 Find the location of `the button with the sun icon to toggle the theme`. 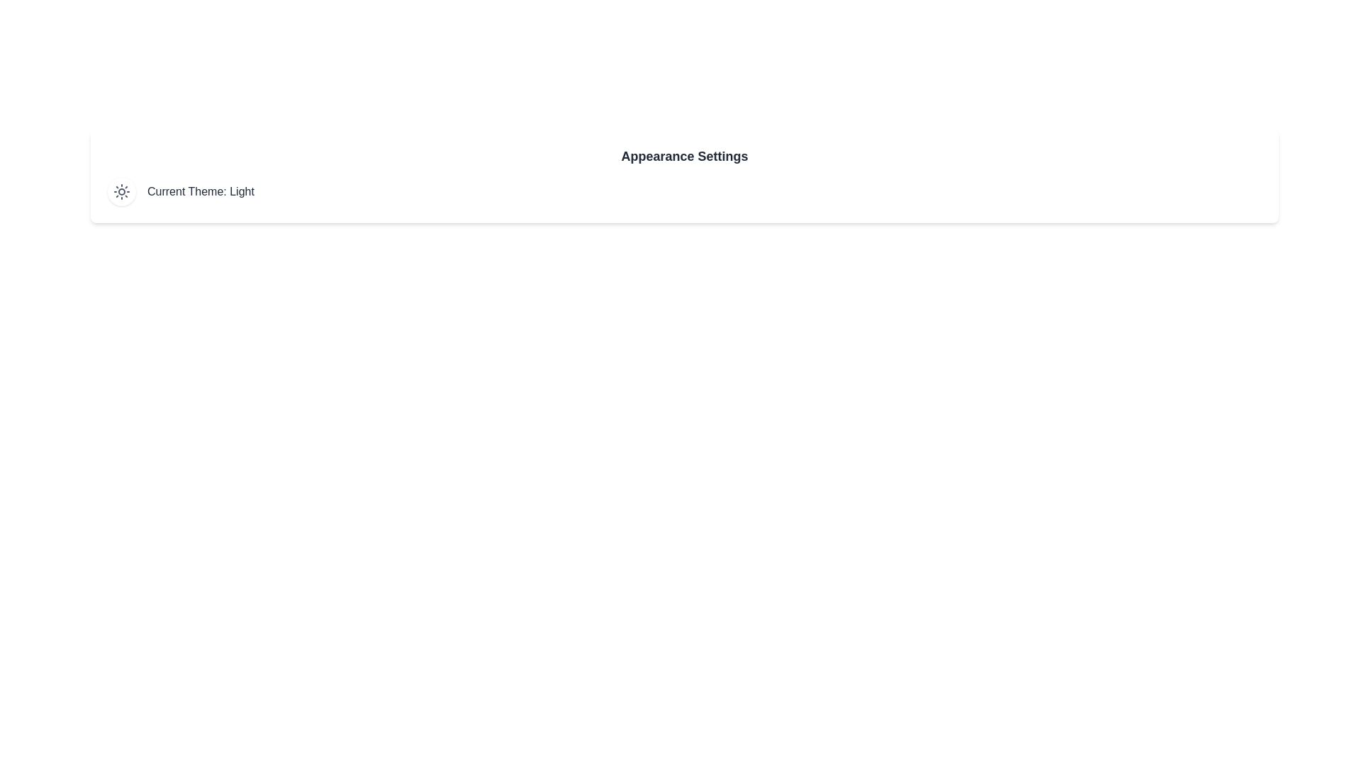

the button with the sun icon to toggle the theme is located at coordinates (122, 191).